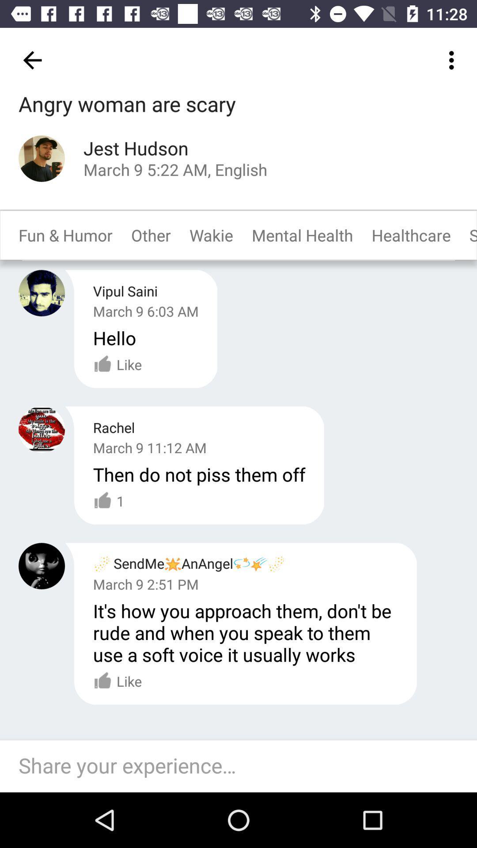  What do you see at coordinates (127, 105) in the screenshot?
I see `angry woman are` at bounding box center [127, 105].